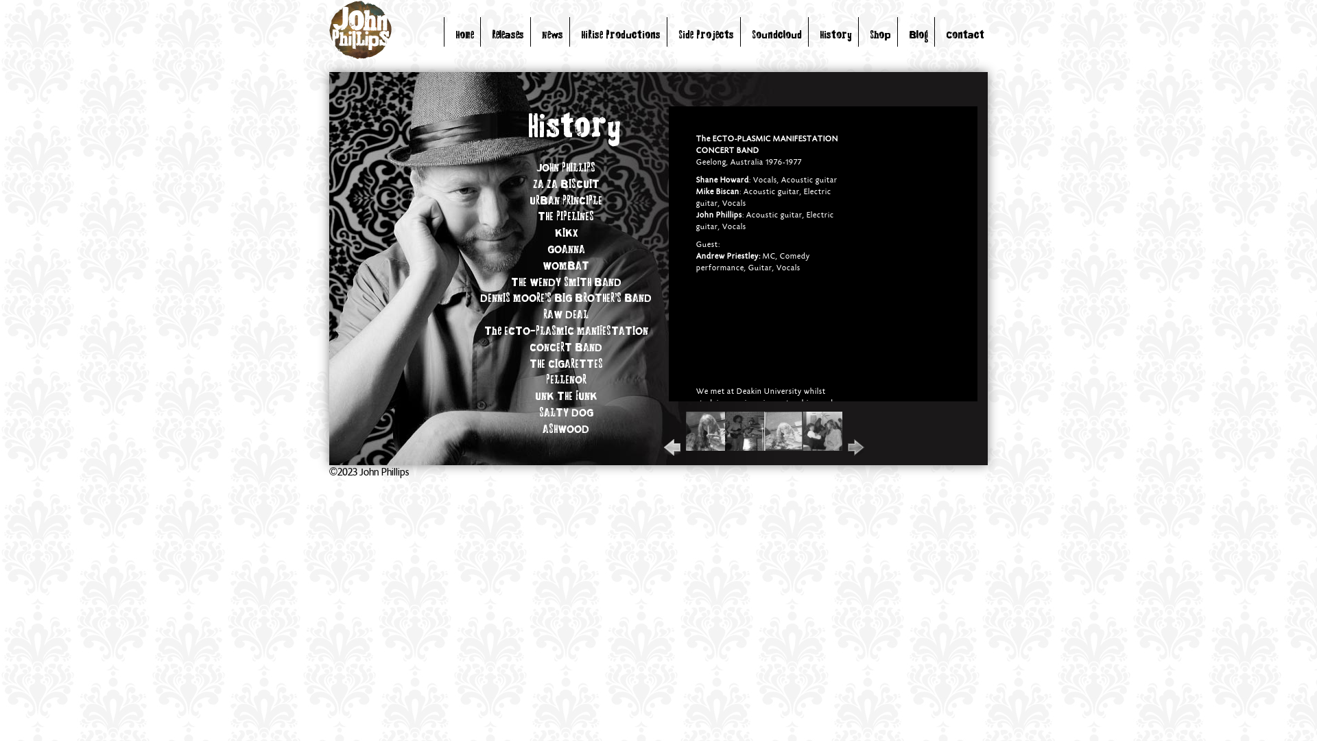 The height and width of the screenshot is (741, 1317). What do you see at coordinates (566, 364) in the screenshot?
I see `'THE CIGARETTES'` at bounding box center [566, 364].